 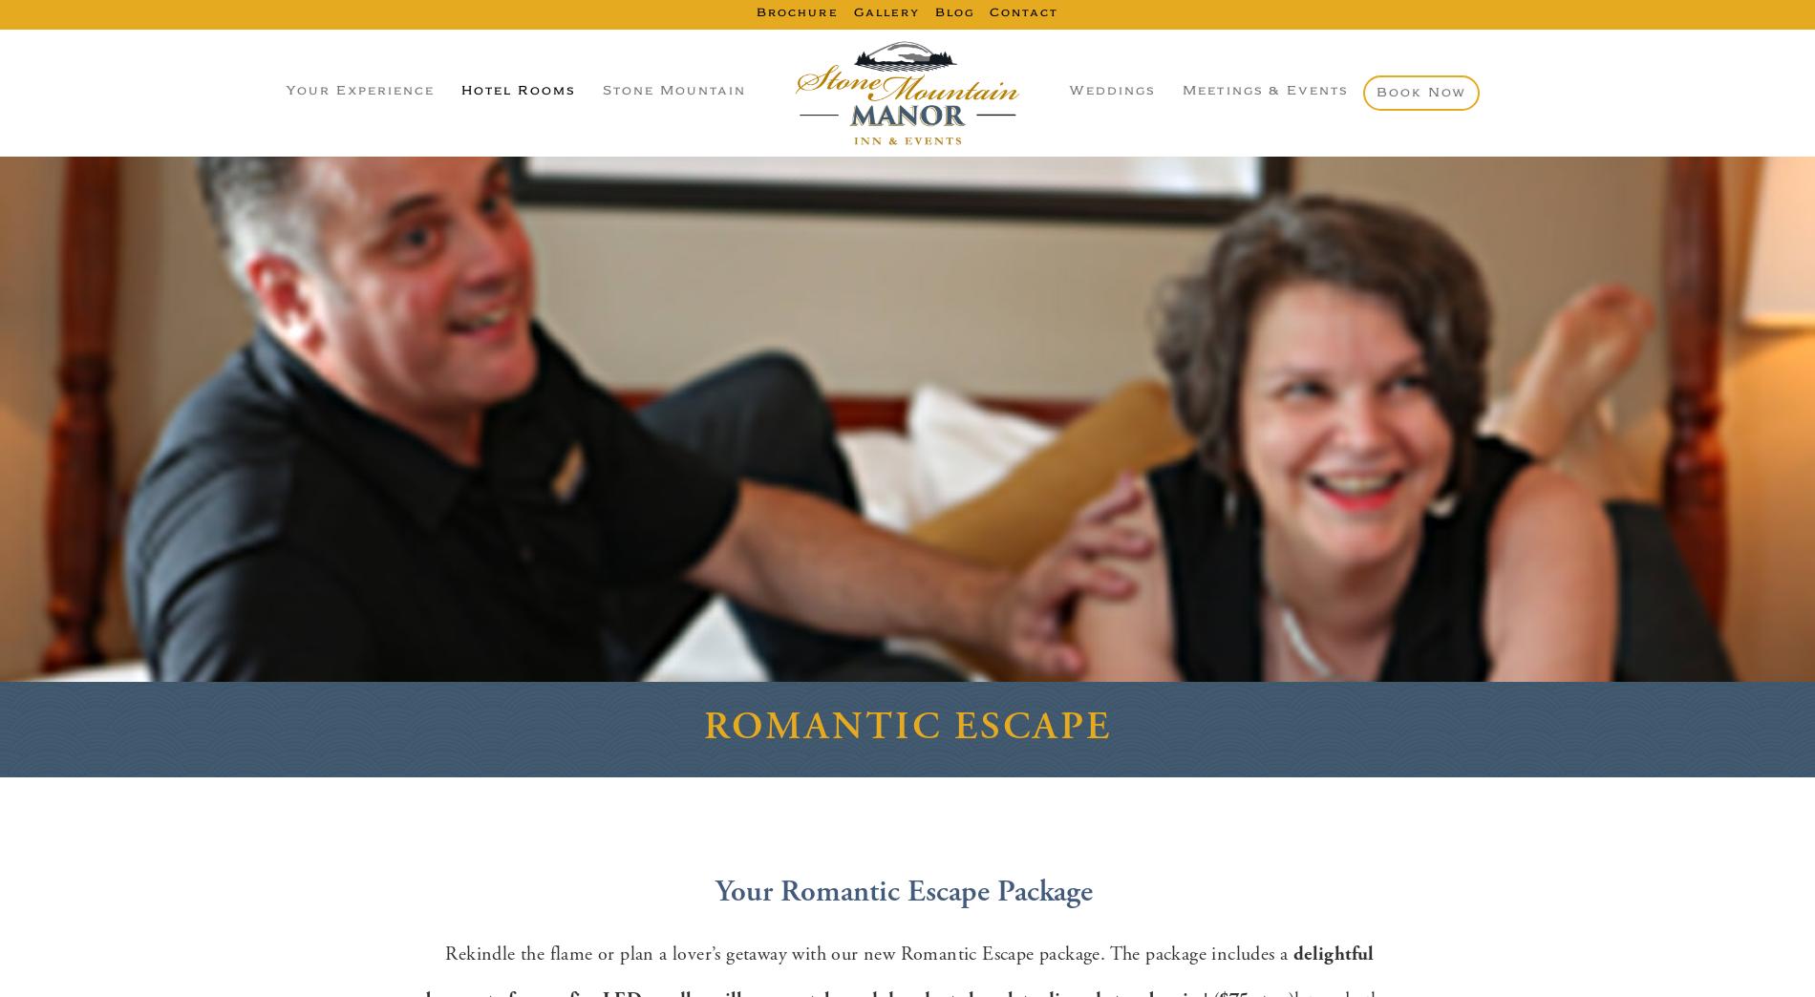 I want to click on 'Gallery', so click(x=886, y=11).